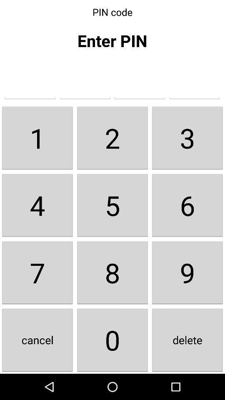 The image size is (225, 400). What do you see at coordinates (112, 340) in the screenshot?
I see `the 0 button` at bounding box center [112, 340].